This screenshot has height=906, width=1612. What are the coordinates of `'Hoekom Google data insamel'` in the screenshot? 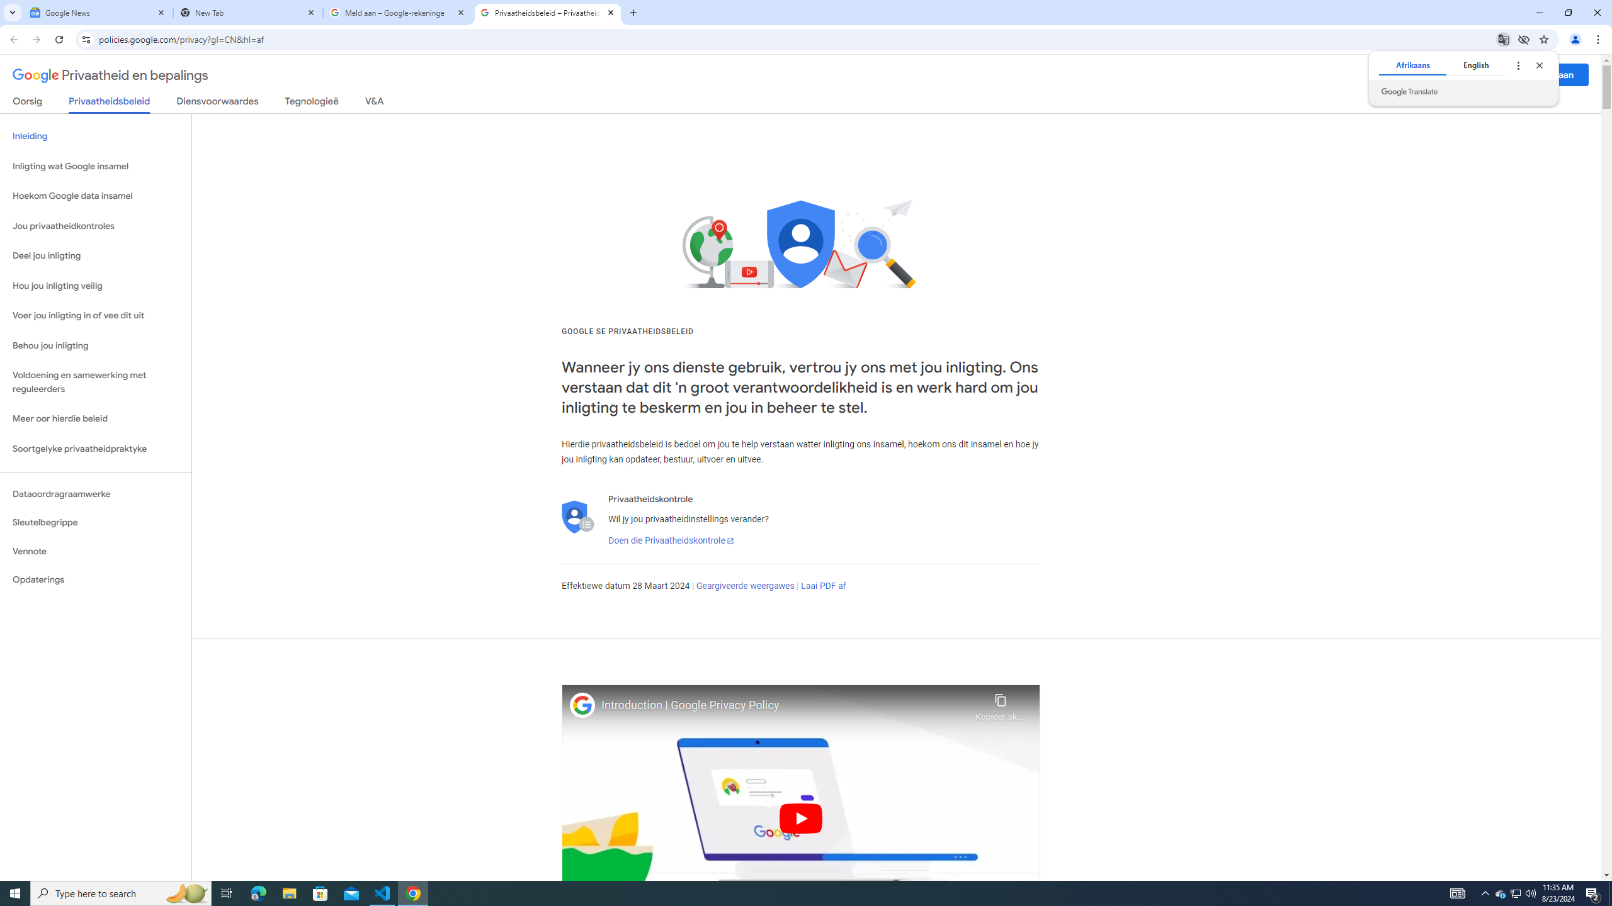 It's located at (95, 195).